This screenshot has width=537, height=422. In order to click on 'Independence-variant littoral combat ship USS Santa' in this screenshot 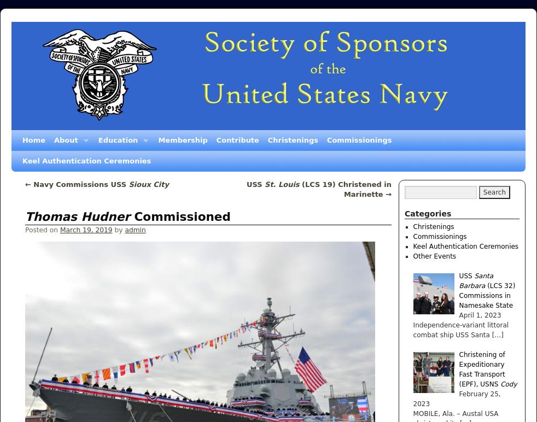, I will do `click(460, 330)`.